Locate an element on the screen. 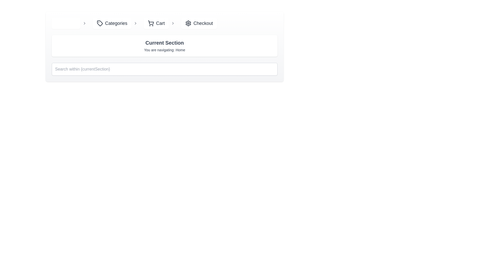 The width and height of the screenshot is (492, 277). the right-facing chevron SVG icon located in the navigation bar next to the 'Cart' text is located at coordinates (173, 23).